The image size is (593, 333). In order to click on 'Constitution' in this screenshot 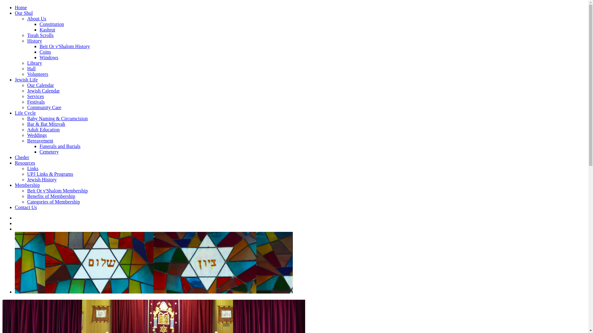, I will do `click(52, 24)`.